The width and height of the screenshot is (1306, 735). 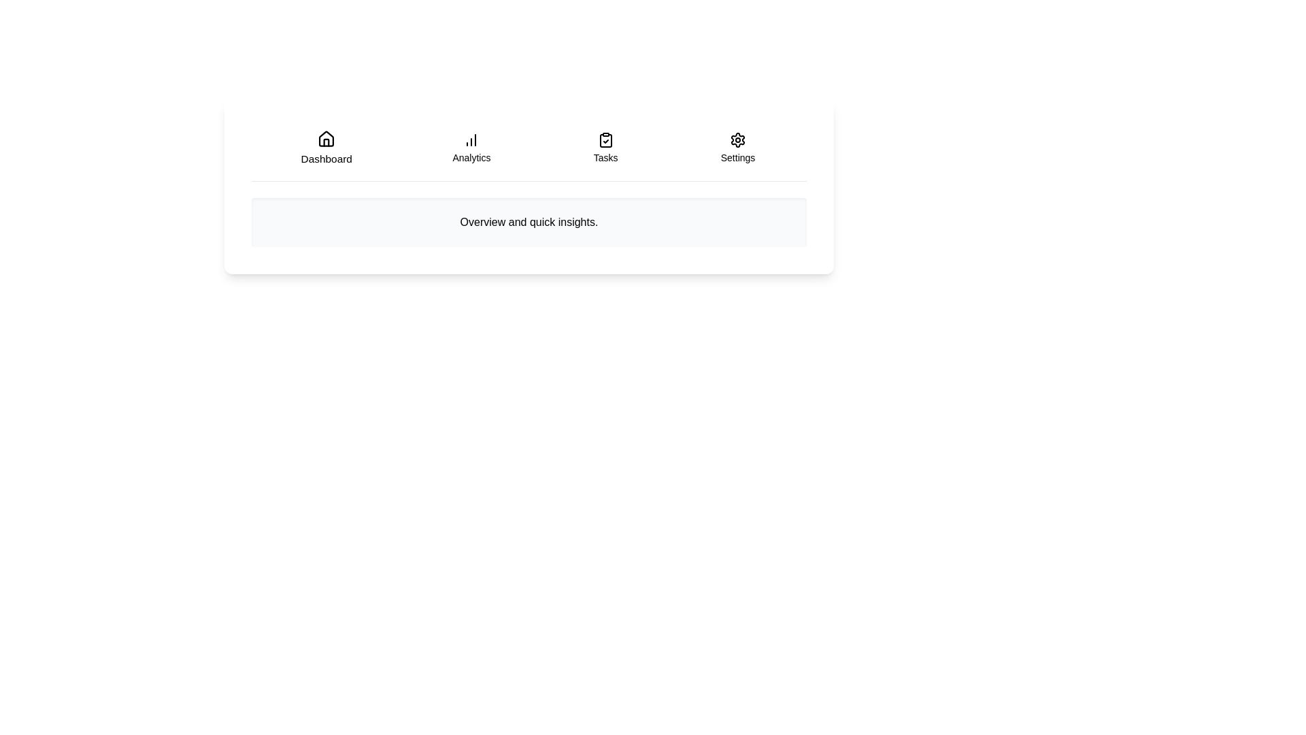 What do you see at coordinates (605, 141) in the screenshot?
I see `the clipboard icon, which is part of the navigation bar and located above the 'Tasks' label, by focusing on its central rectangular shape with rounded corners` at bounding box center [605, 141].